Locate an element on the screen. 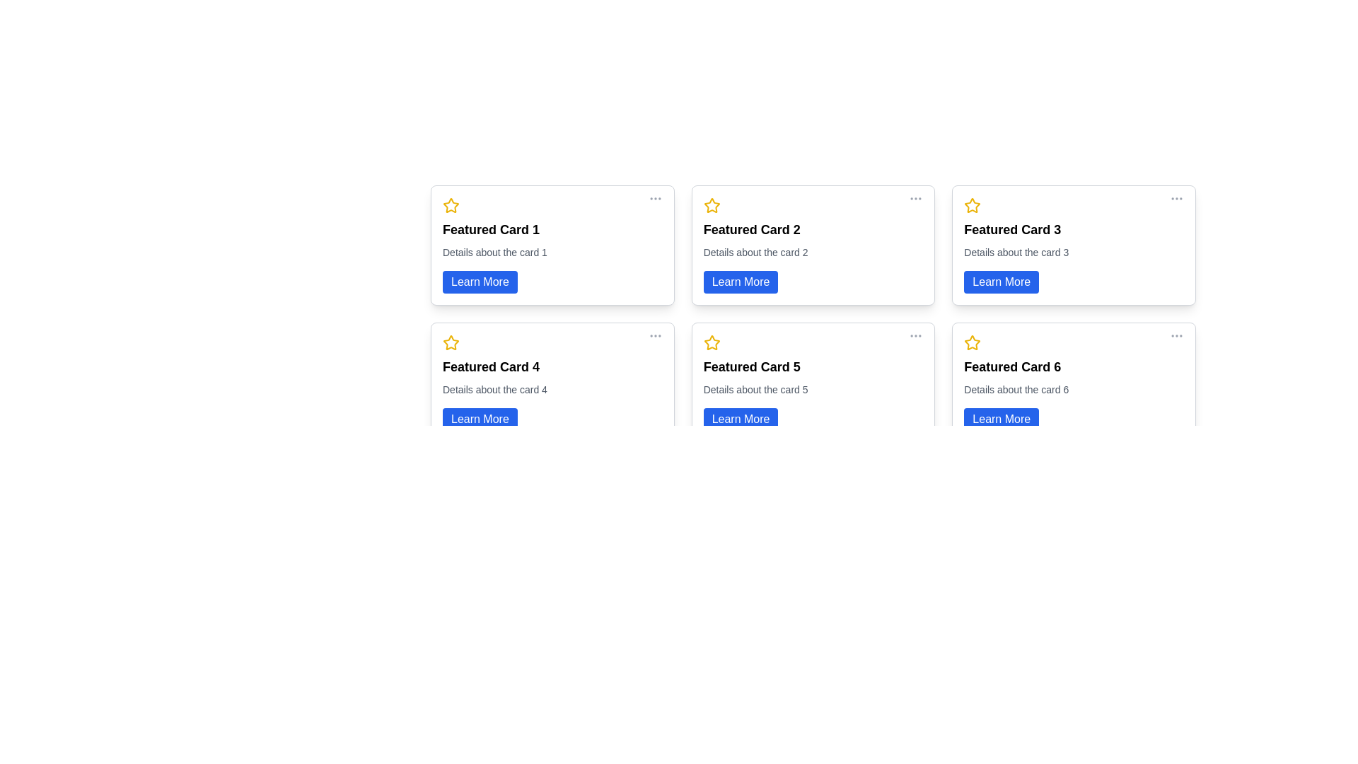 The image size is (1358, 764). the small horizontal ellipsis icon located in the top-right corner of 'Featured Card 5' to observe the hover effect is located at coordinates (916, 335).